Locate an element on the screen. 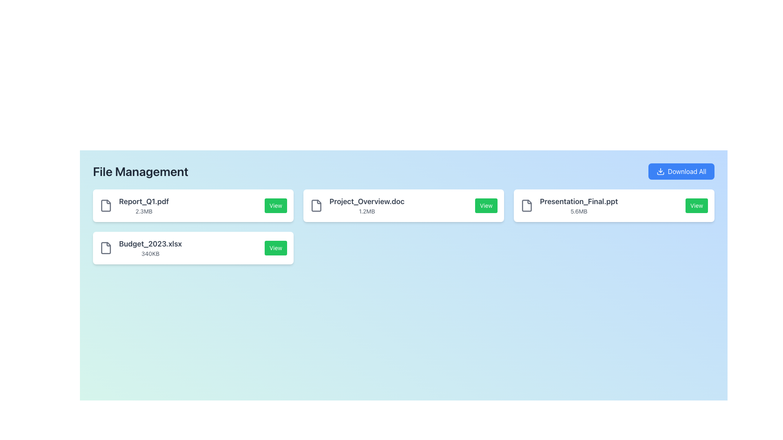 This screenshot has height=440, width=783. the text block that provides information about the file, located in the second file card under 'File Management', positioned to the left of the 'View' button and adjacent to a document icon is located at coordinates (357, 205).